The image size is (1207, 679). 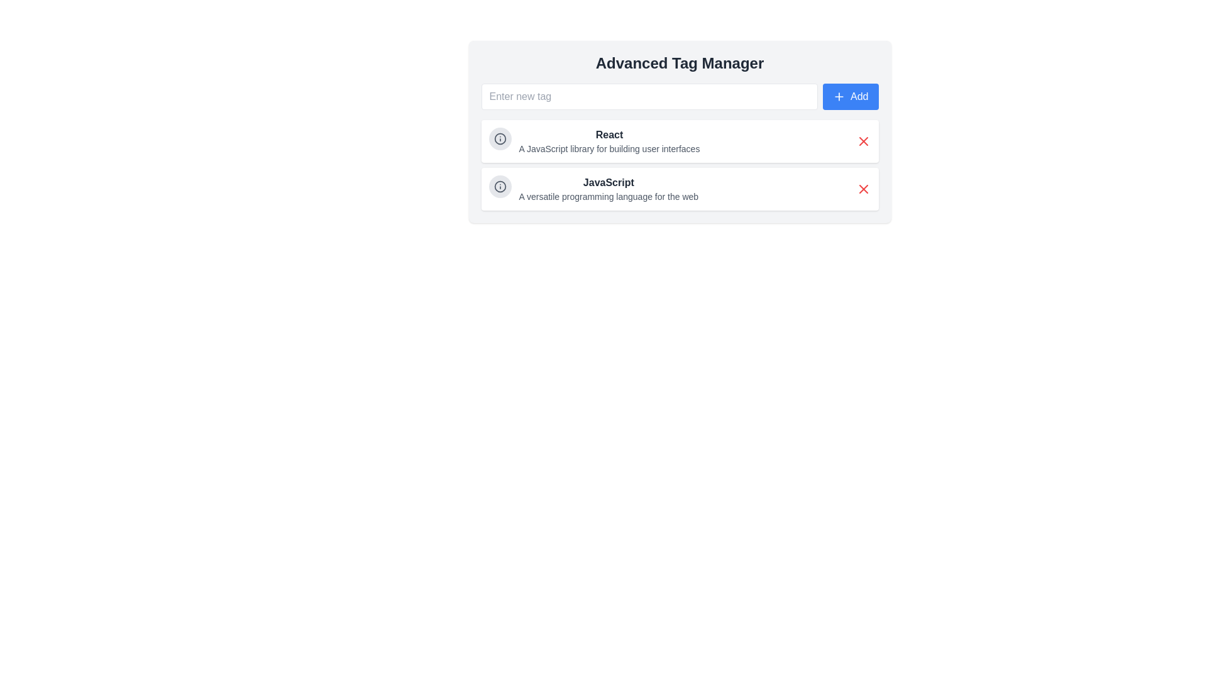 I want to click on the static text reading 'A JavaScript library for building user interfaces', which is styled in a small gray font and positioned directly beneath the bold 'React' text, so click(x=609, y=148).